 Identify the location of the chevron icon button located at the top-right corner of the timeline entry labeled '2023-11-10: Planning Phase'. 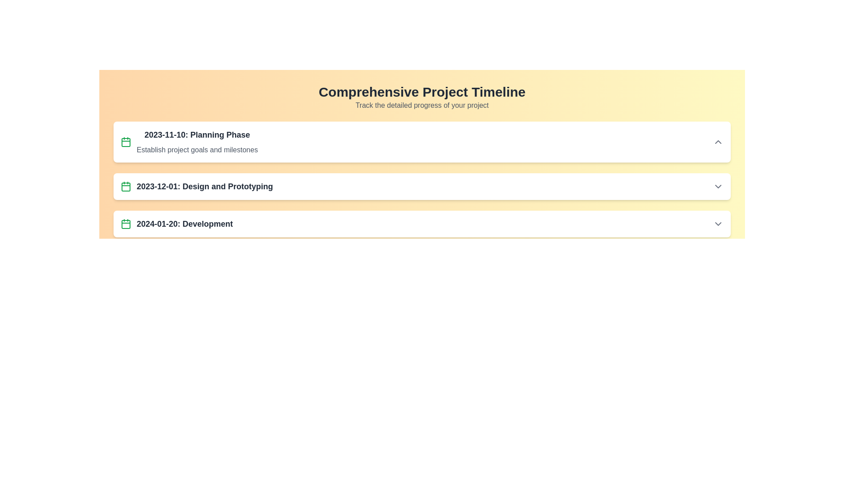
(718, 142).